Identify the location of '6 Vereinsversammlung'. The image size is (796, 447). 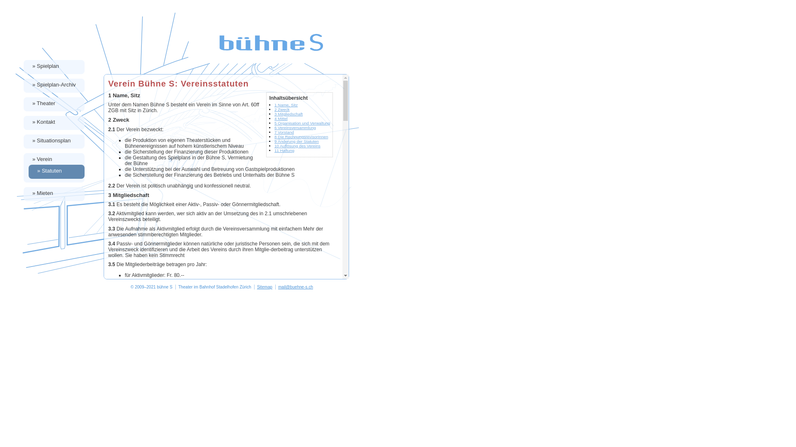
(274, 127).